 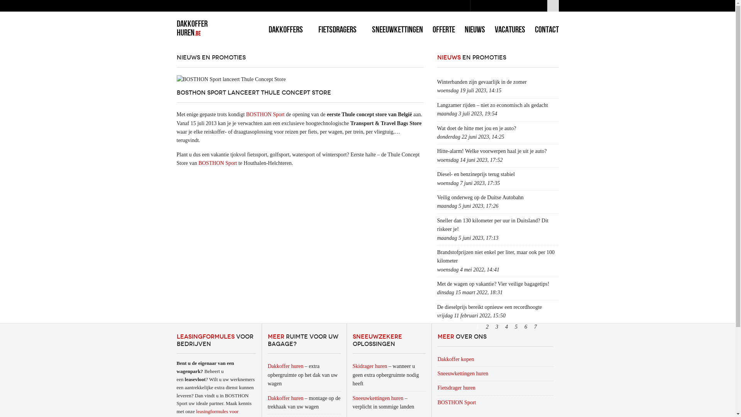 I want to click on 'BOSTHON Sport', so click(x=265, y=114).